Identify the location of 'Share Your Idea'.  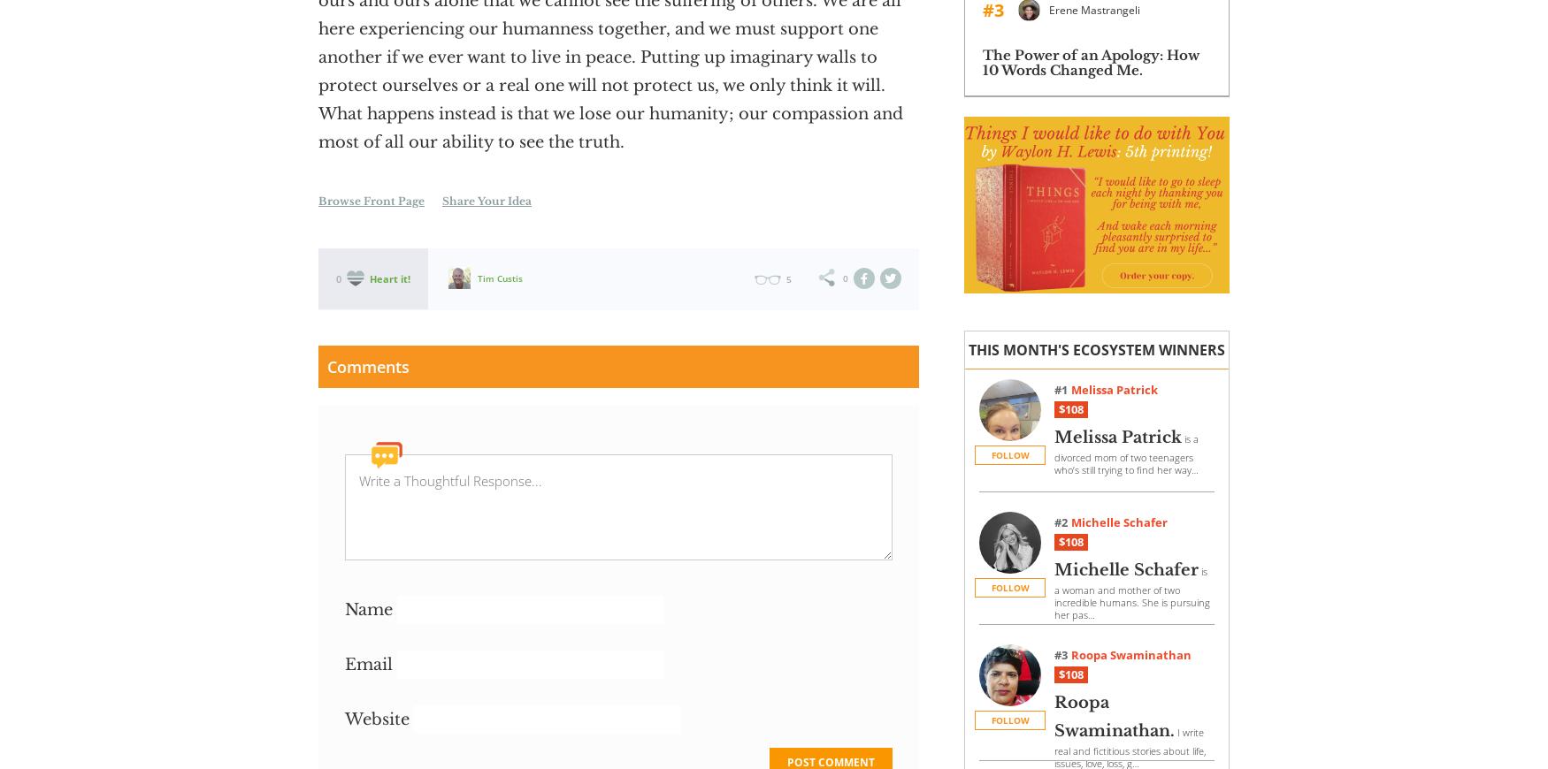
(486, 201).